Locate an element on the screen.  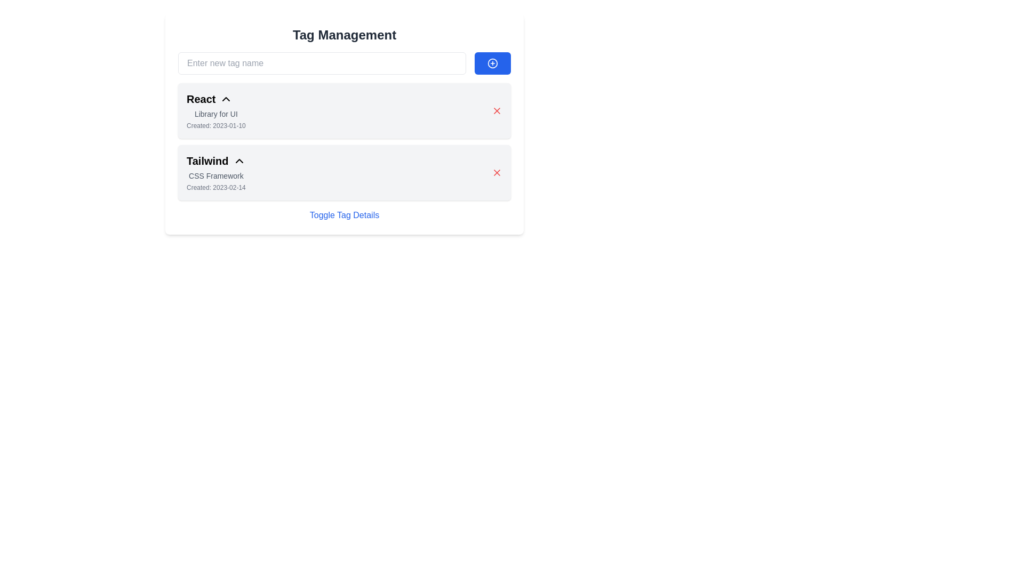
the decorative circular outline of the 'Add' button icon located in the 'Tag Management' interface, positioned to the right of the 'Enter new tag name' text input field is located at coordinates (492, 63).